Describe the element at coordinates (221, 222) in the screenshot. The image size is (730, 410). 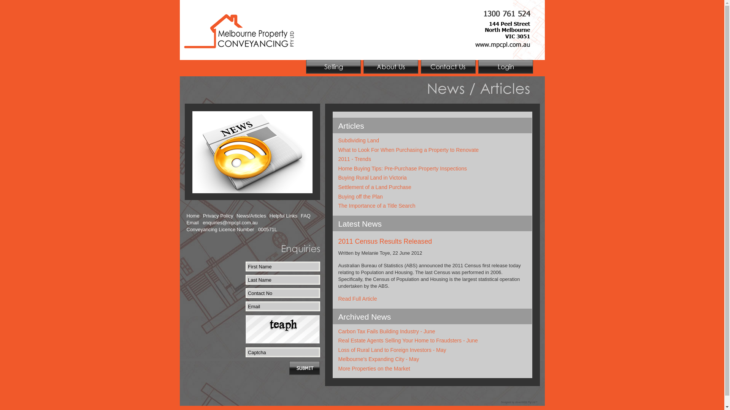
I see `'Email   enquiries@mpcpl.com.au'` at that location.